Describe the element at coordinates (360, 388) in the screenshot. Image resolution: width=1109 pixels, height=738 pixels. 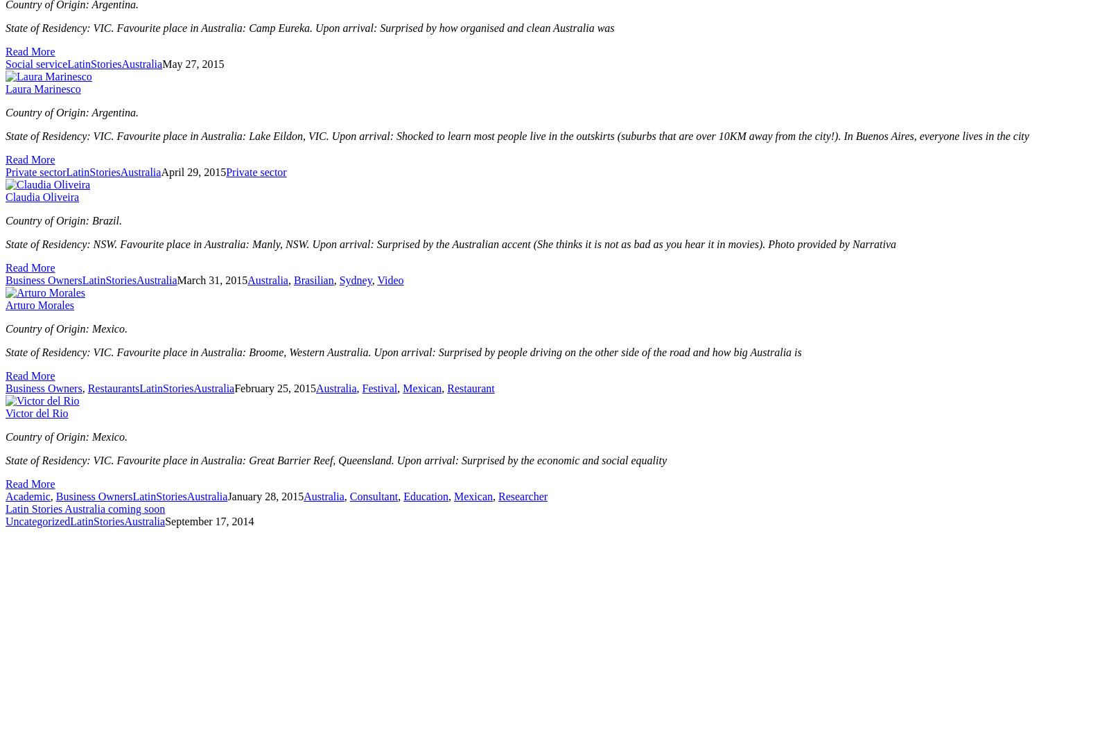
I see `'Festival'` at that location.